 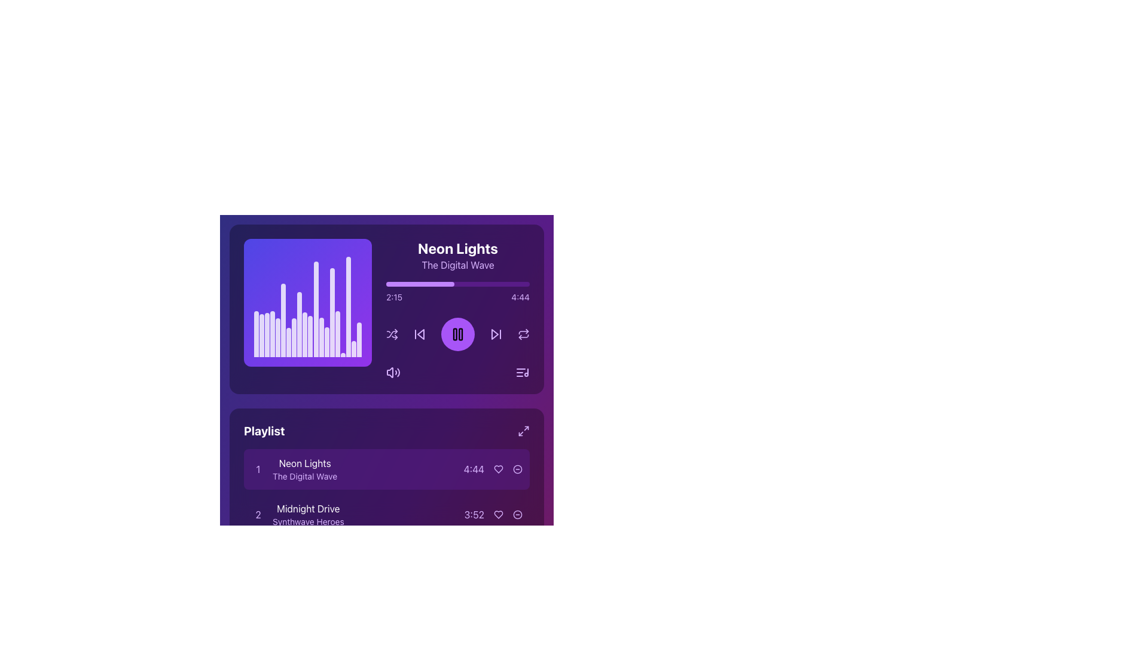 What do you see at coordinates (413, 284) in the screenshot?
I see `the progress` at bounding box center [413, 284].